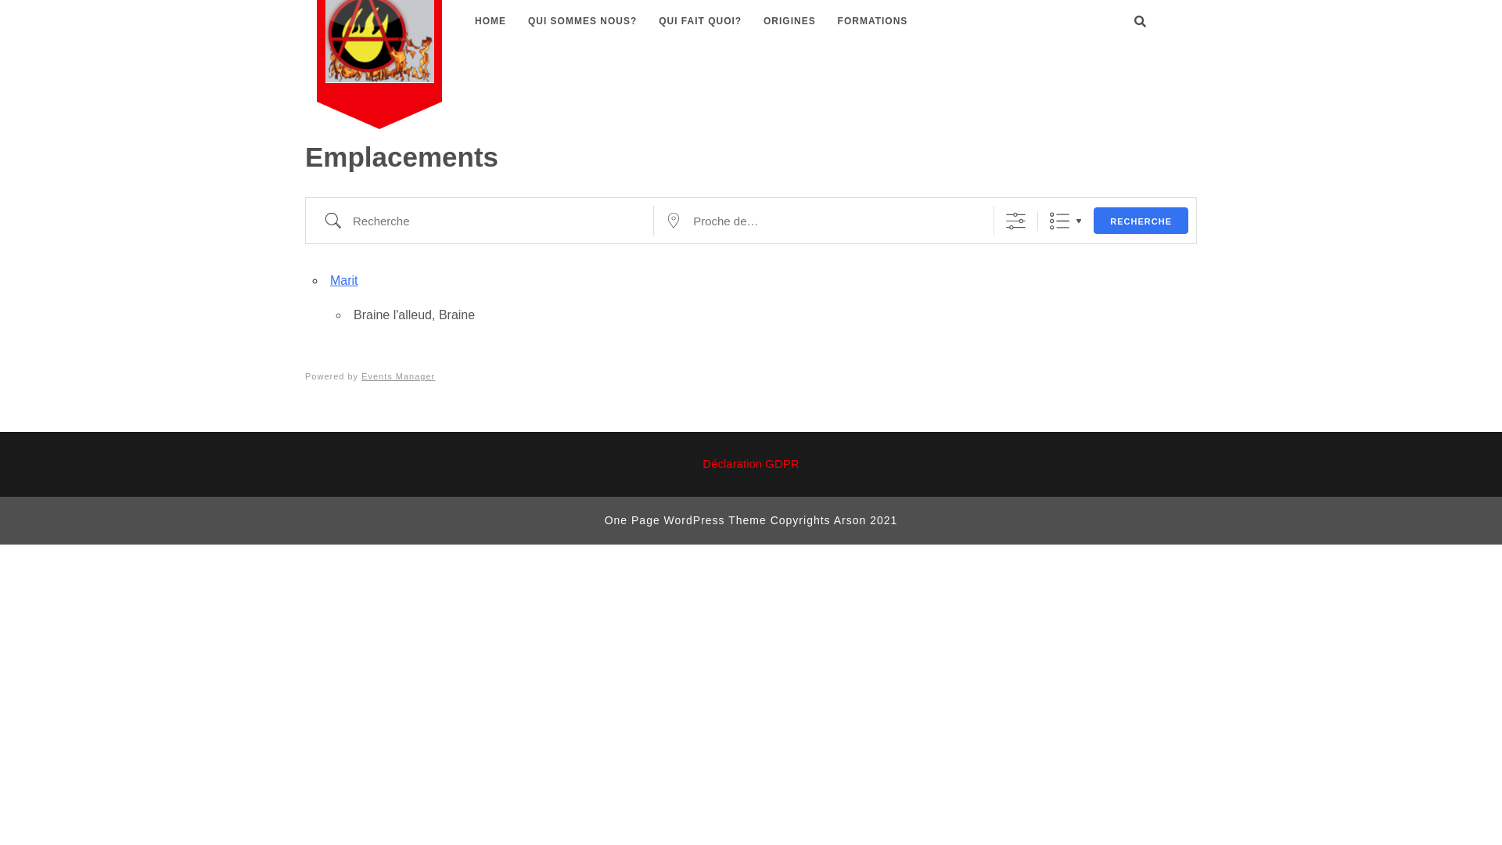 This screenshot has width=1502, height=845. I want to click on 'One Page WordPress Theme', so click(603, 519).